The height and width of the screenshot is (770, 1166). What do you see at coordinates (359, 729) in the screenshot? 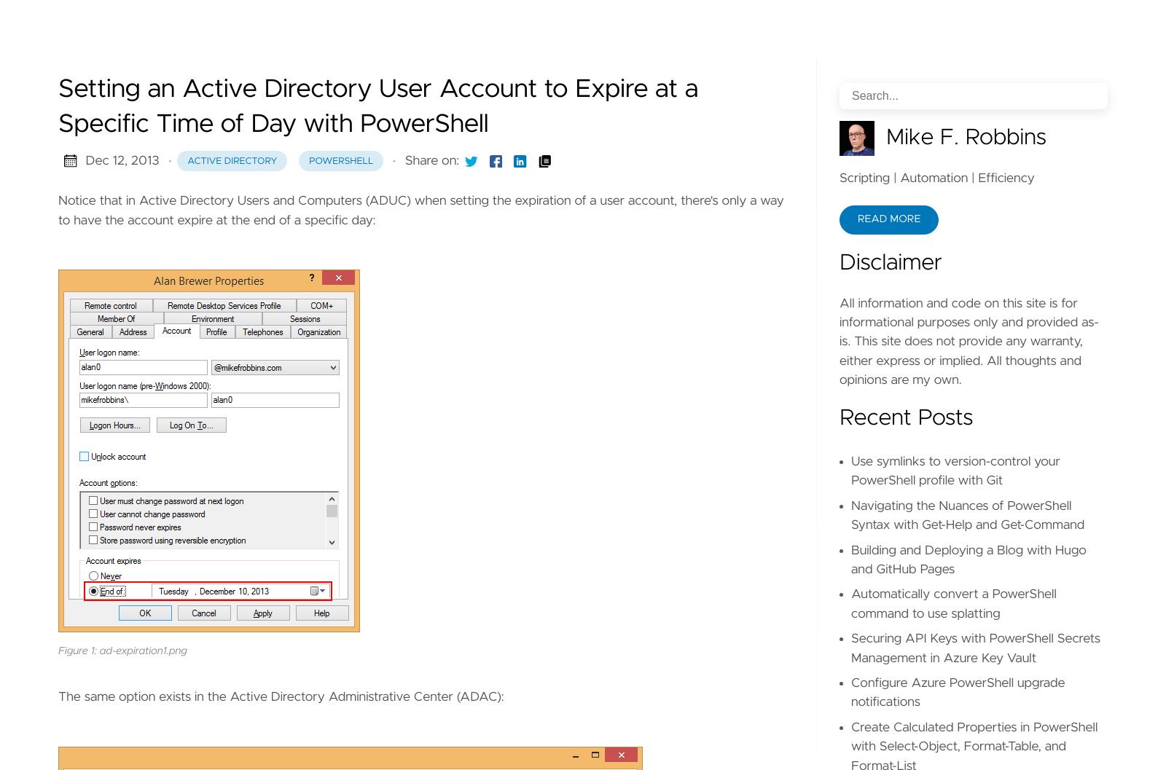
I see `'-DateTime'` at bounding box center [359, 729].